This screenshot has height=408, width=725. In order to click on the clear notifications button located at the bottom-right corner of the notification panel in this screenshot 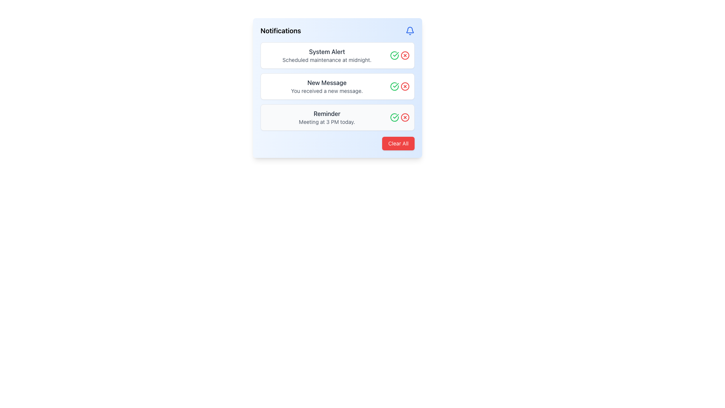, I will do `click(398, 144)`.